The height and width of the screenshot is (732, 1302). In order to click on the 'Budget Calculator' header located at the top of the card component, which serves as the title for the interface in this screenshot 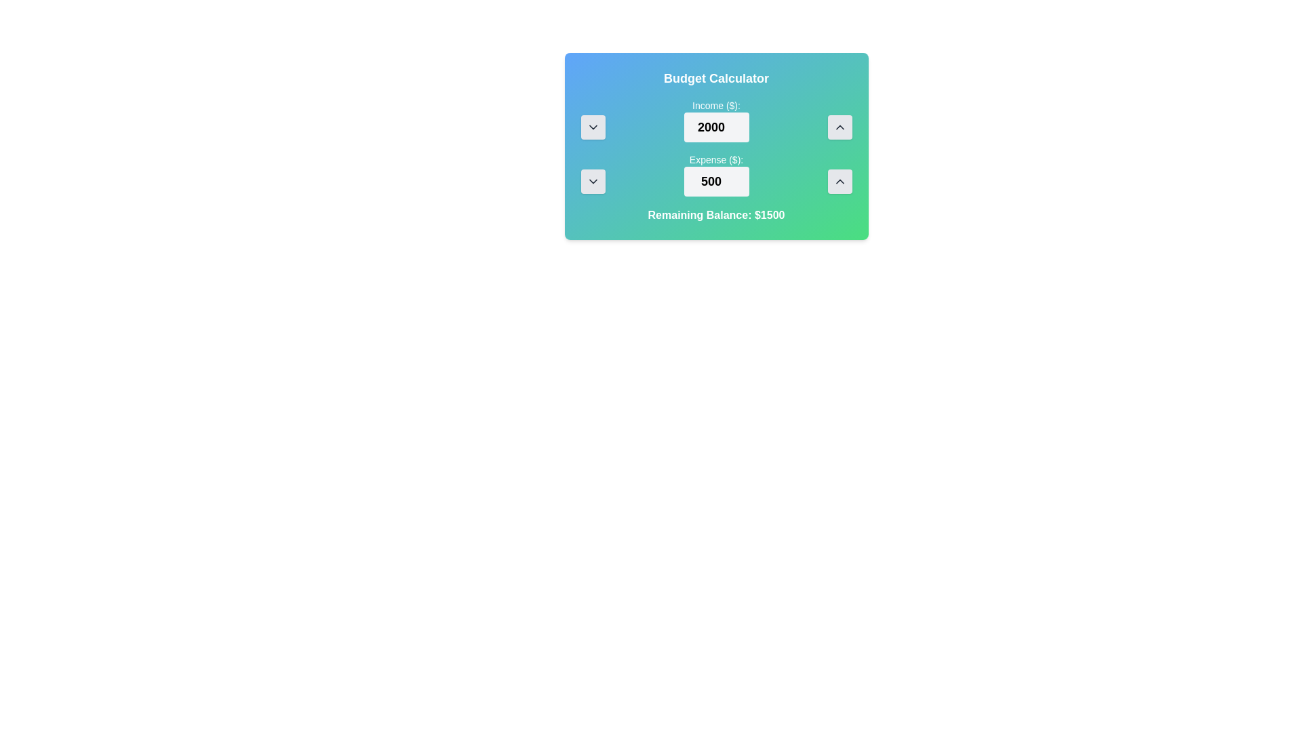, I will do `click(715, 78)`.